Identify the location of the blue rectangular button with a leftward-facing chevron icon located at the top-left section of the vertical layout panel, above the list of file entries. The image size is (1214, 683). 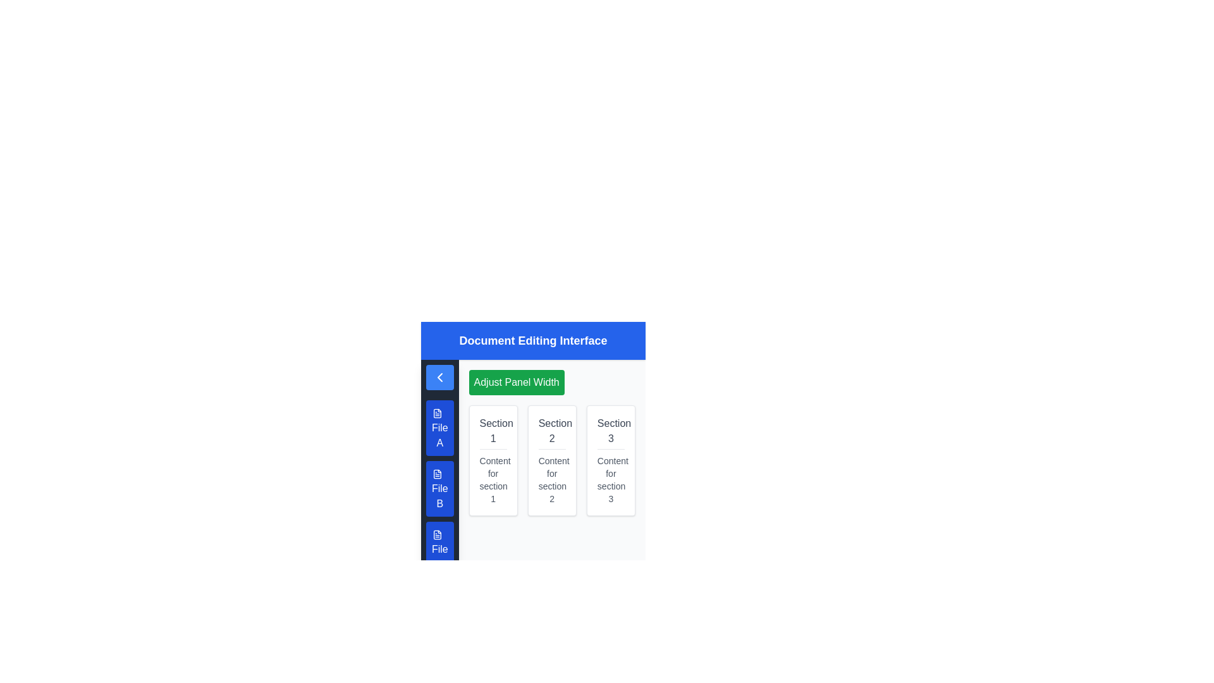
(439, 377).